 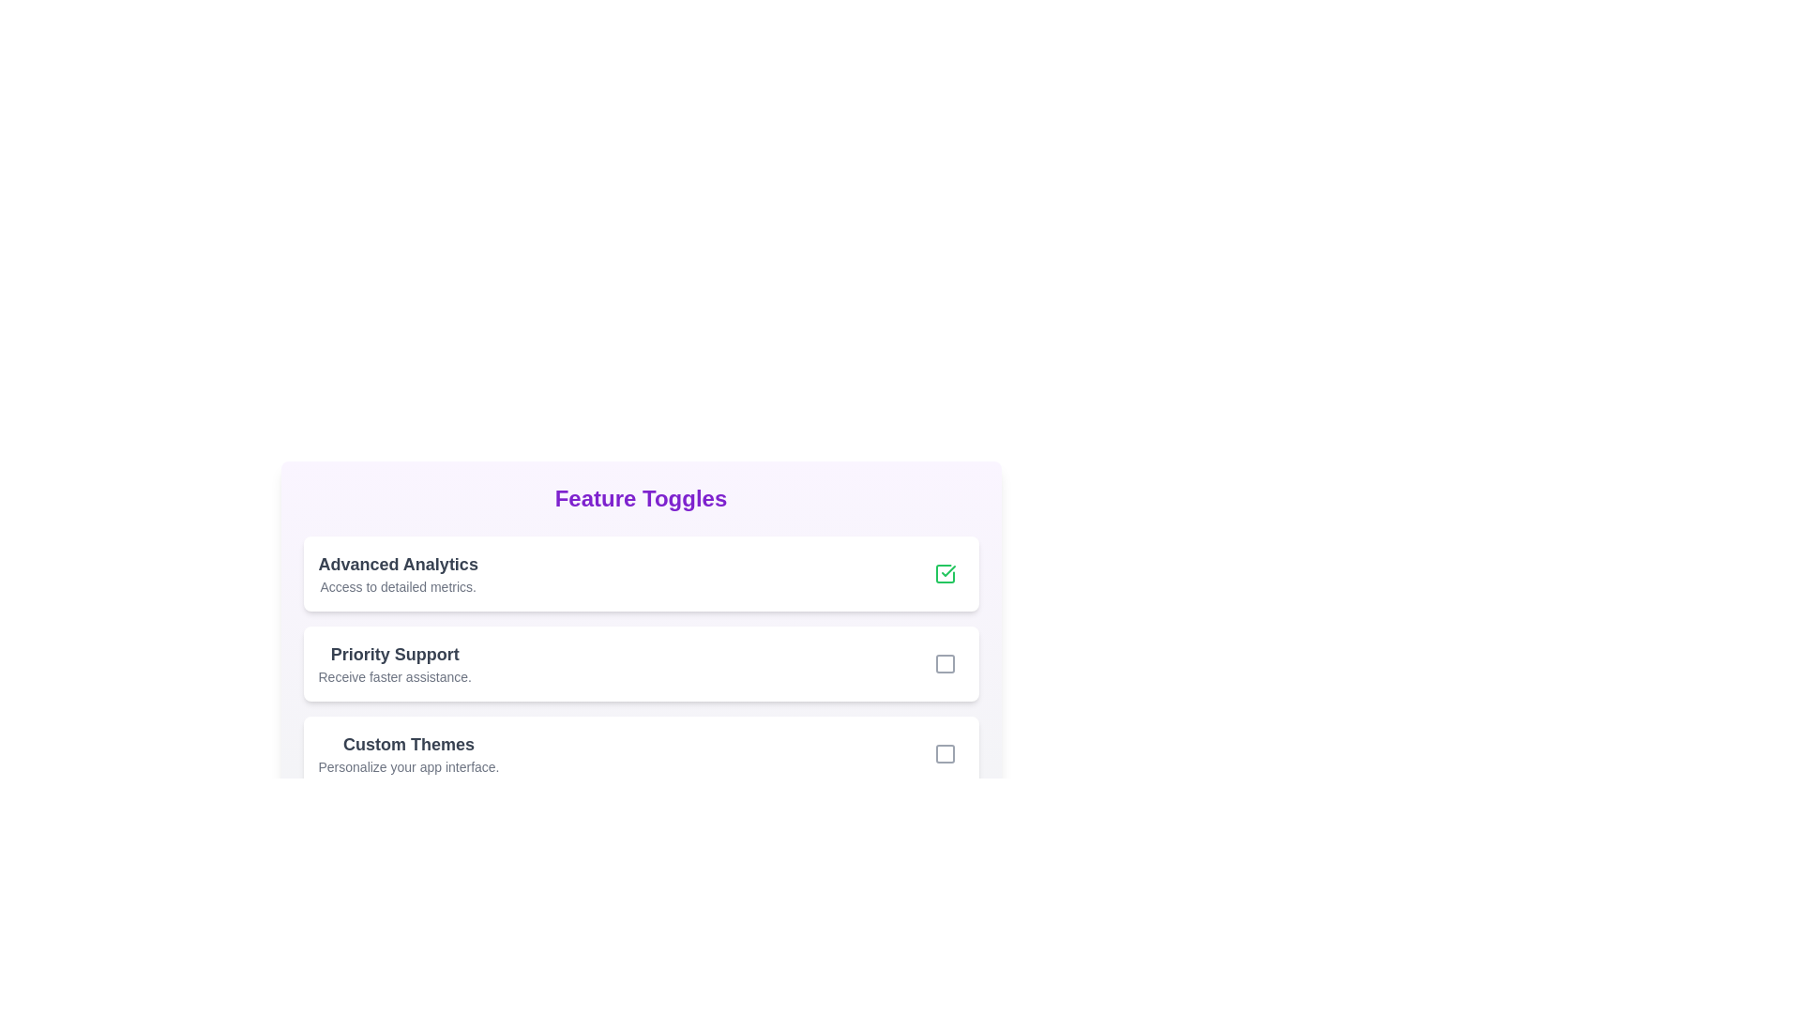 I want to click on the 'Custom Themes' static text label, which is styled in a larger bold font and dark gray color, positioned as the title of a feature description group, so click(x=408, y=744).